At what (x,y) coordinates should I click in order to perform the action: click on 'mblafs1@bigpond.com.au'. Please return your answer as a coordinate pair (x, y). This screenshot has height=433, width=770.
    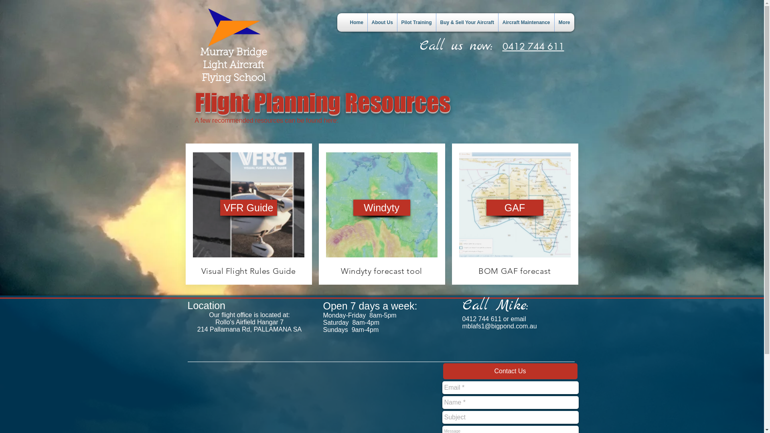
    Looking at the image, I should click on (498, 326).